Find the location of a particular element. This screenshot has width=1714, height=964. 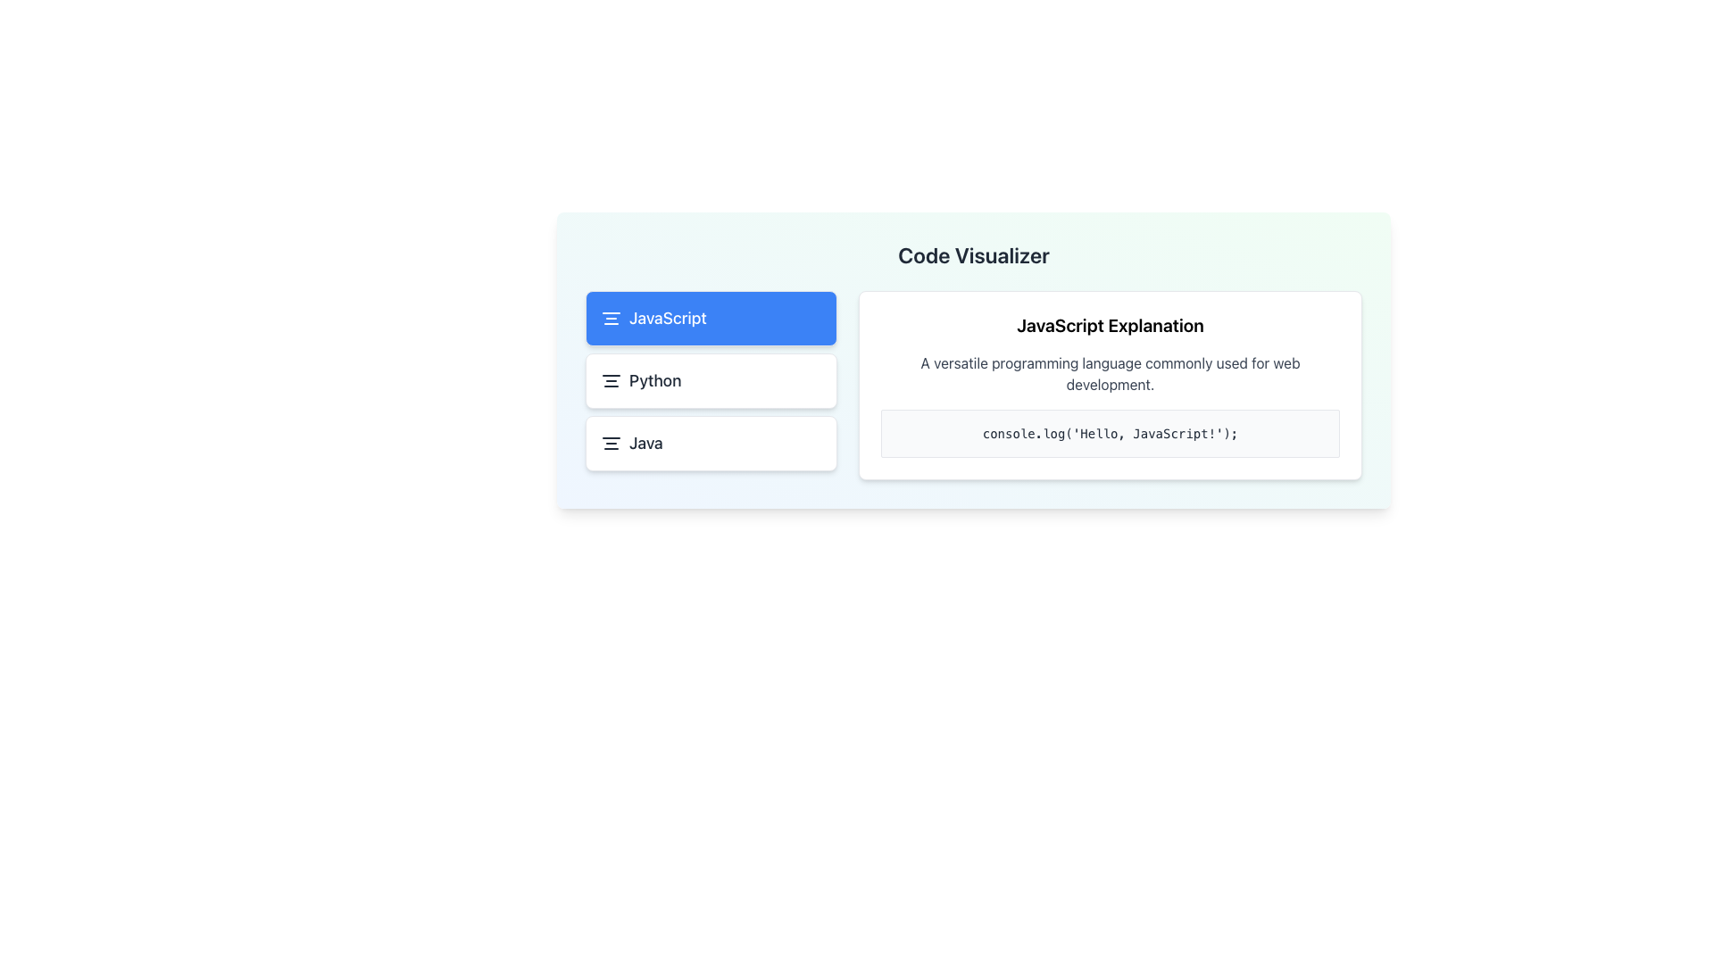

the JavaScript command text displayed in the code visualization panel for copying is located at coordinates (1109, 434).